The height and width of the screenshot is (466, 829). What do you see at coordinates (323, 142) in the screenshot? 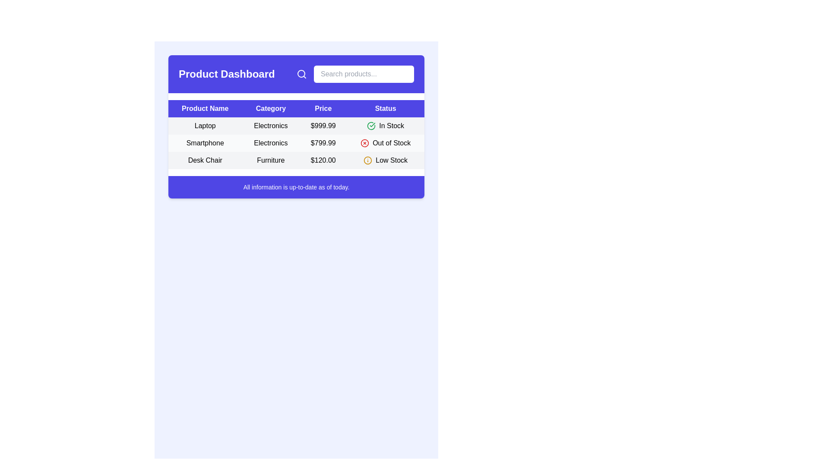
I see `the price label displaying '$799.99' in bold black font, located in the 'Price' column of the data table, aligned with the 'Smartphone' entry` at bounding box center [323, 142].